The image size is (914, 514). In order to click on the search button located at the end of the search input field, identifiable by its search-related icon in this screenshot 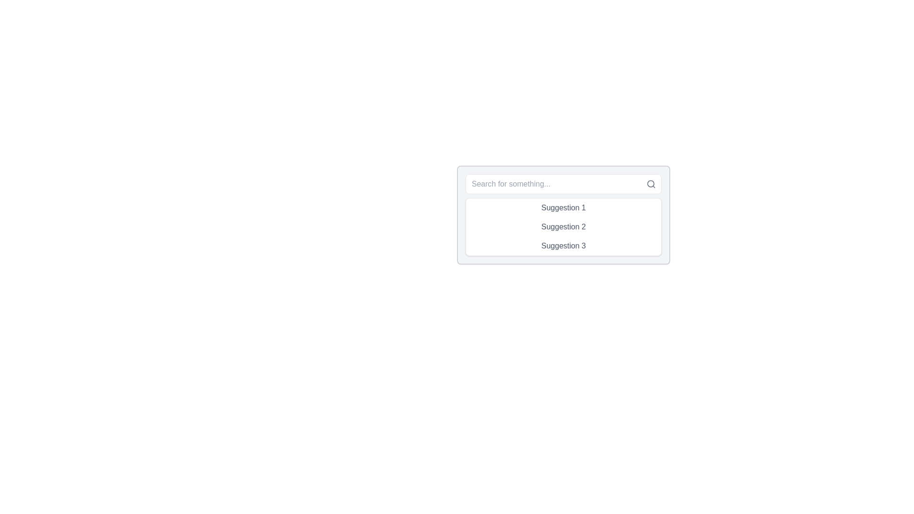, I will do `click(651, 184)`.